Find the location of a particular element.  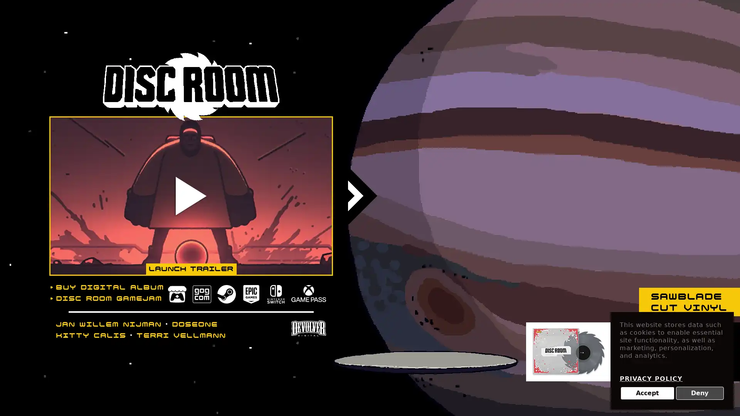

Accept is located at coordinates (647, 393).